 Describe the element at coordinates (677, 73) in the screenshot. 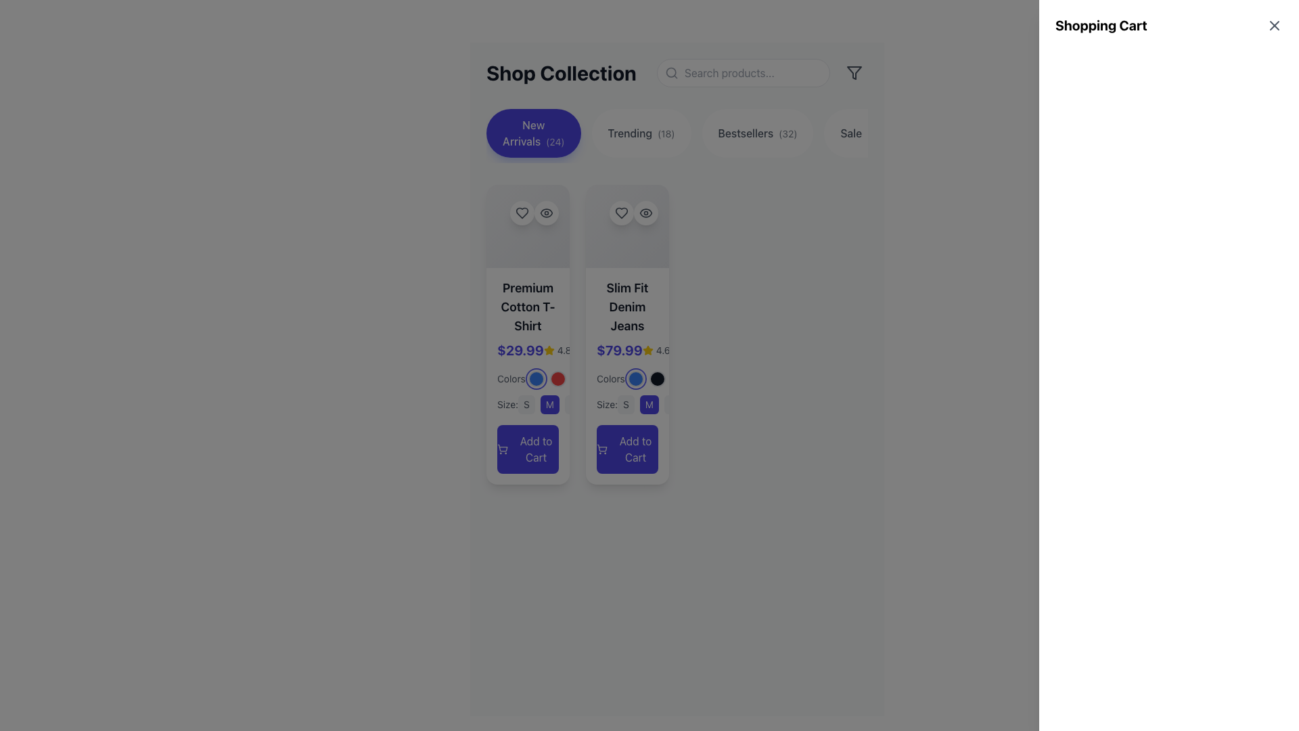

I see `the search icon located on the Header and utility bar of the product collection page to initiate a search` at that location.